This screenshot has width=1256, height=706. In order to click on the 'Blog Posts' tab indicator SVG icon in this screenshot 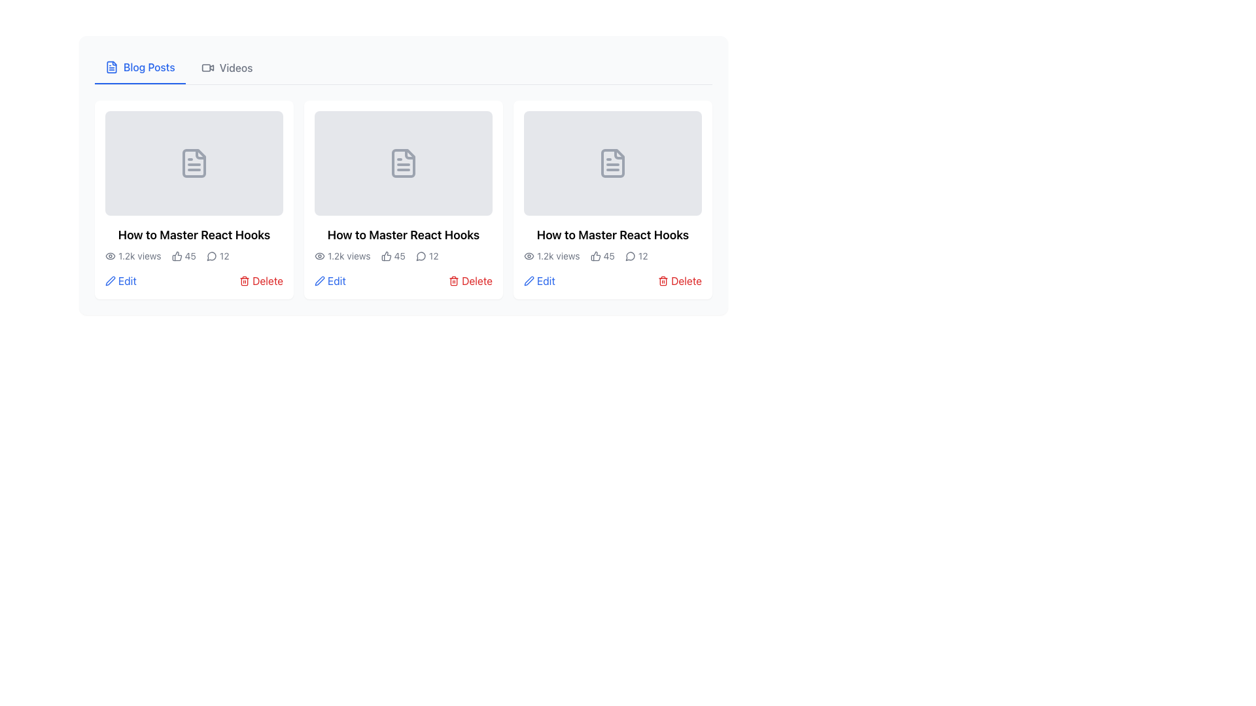, I will do `click(112, 67)`.